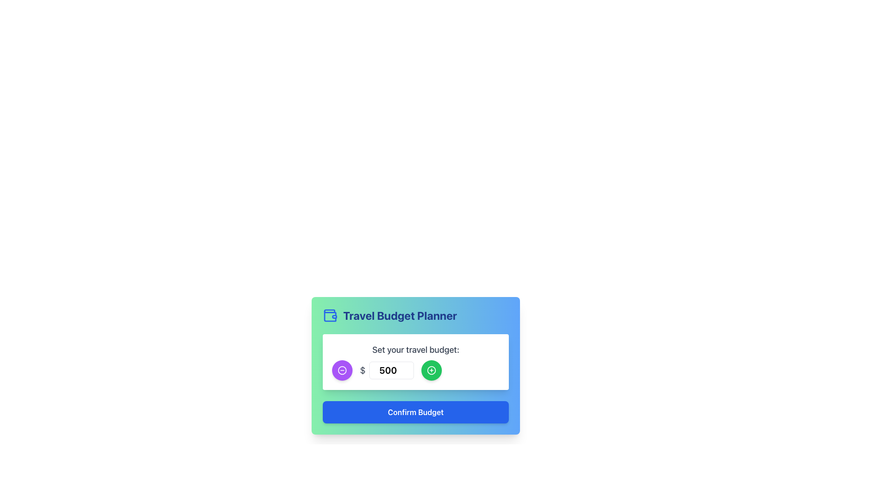 This screenshot has width=893, height=502. What do you see at coordinates (415, 412) in the screenshot?
I see `the blue rectangular button labeled 'Confirm Budget' located at the bottom of the 'Travel Budget Planner' card to confirm the budget` at bounding box center [415, 412].